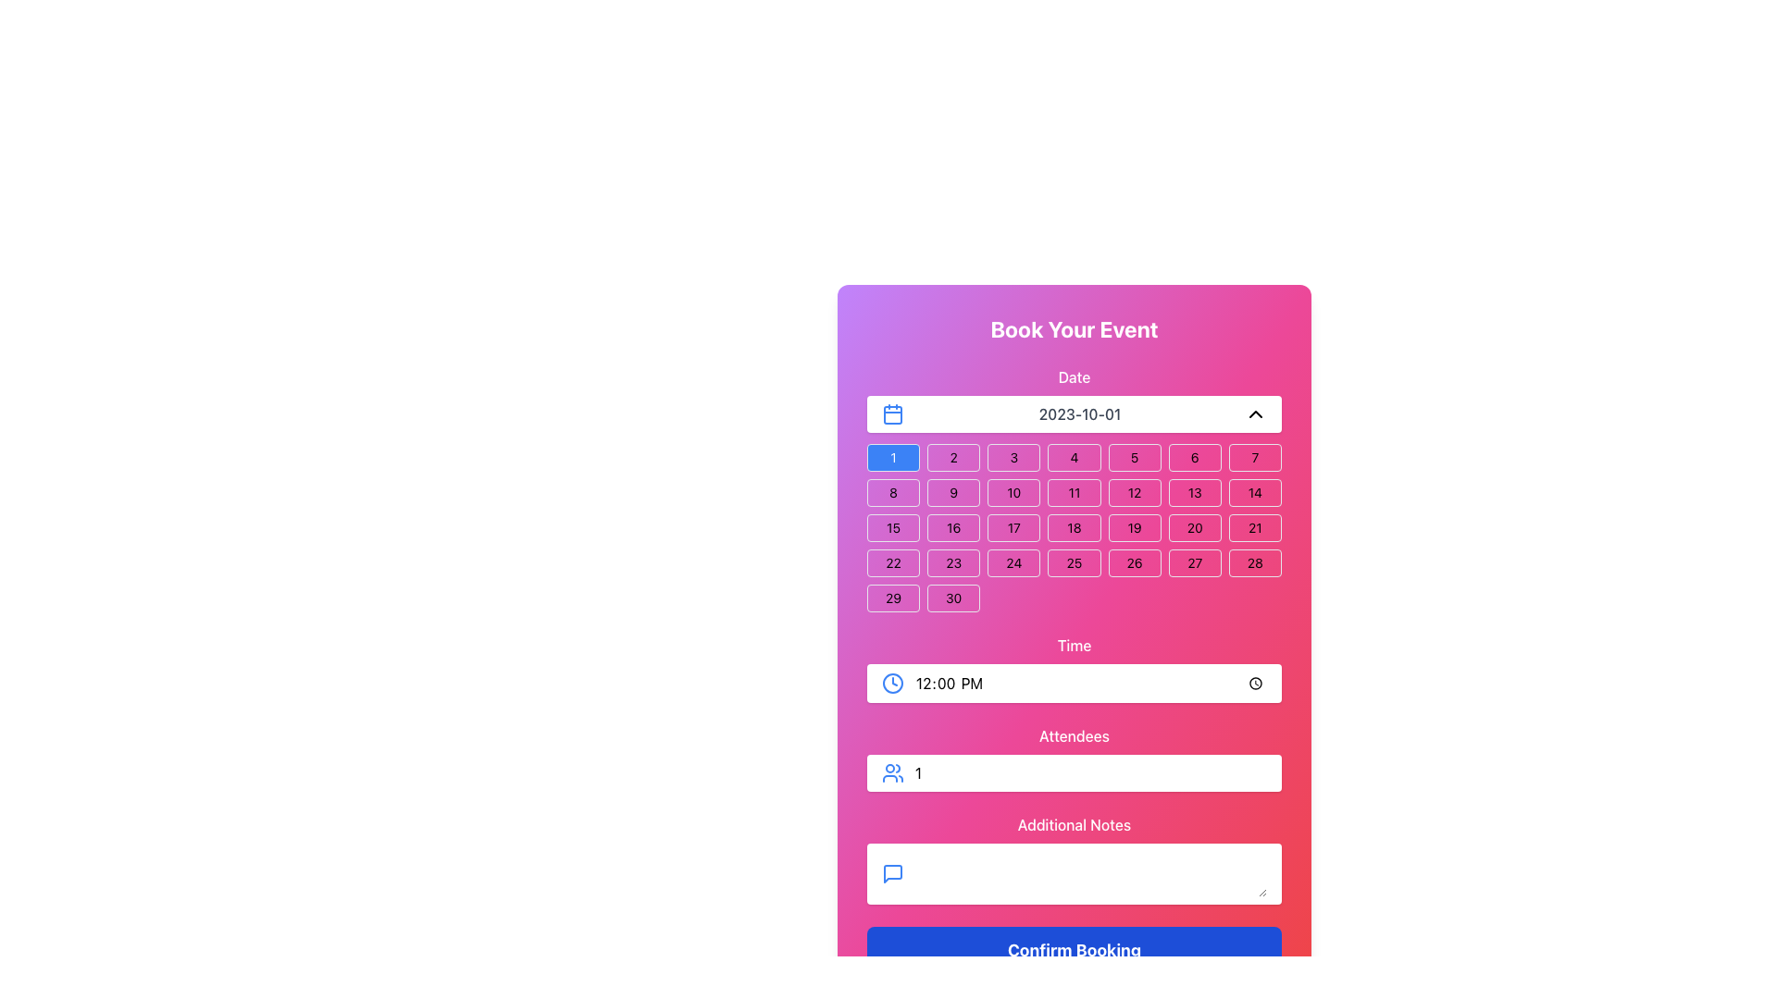 The height and width of the screenshot is (999, 1777). I want to click on the selectable date button representing the 25th day of the month in the calendar interface, so click(1075, 562).